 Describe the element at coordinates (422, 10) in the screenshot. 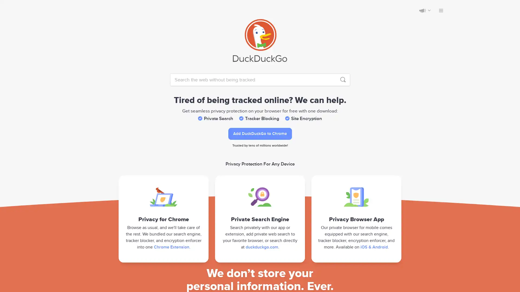

I see `Keep in touch` at that location.